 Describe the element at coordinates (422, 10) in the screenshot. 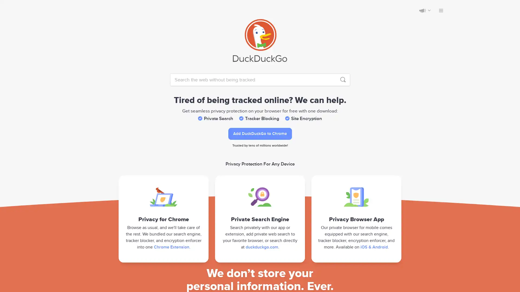

I see `Keep in touch` at that location.